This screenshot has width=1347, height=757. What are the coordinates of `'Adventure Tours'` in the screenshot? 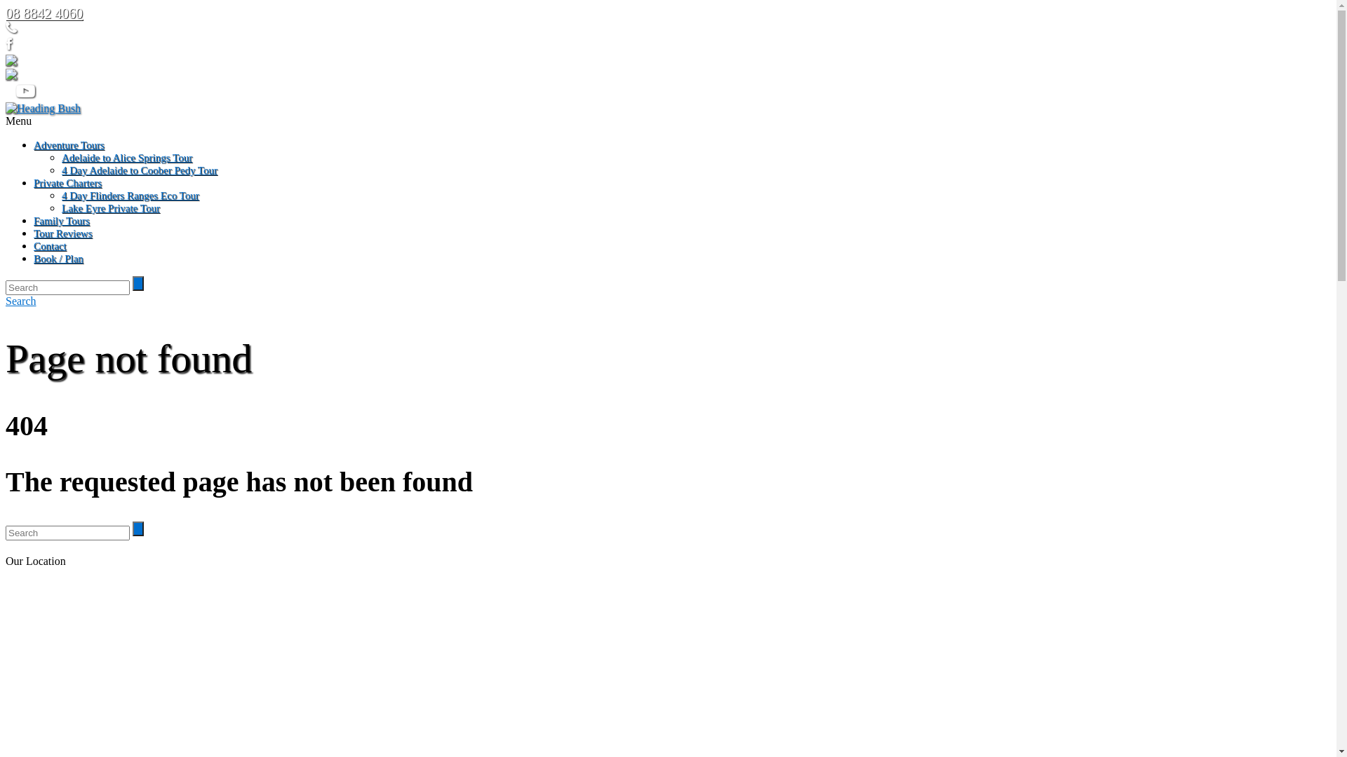 It's located at (68, 145).